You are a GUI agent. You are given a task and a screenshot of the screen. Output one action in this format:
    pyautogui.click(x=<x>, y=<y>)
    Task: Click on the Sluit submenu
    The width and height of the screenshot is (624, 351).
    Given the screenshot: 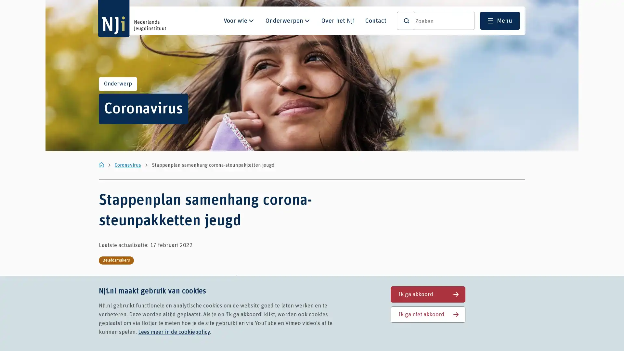 What is the action you would take?
    pyautogui.click(x=251, y=23)
    